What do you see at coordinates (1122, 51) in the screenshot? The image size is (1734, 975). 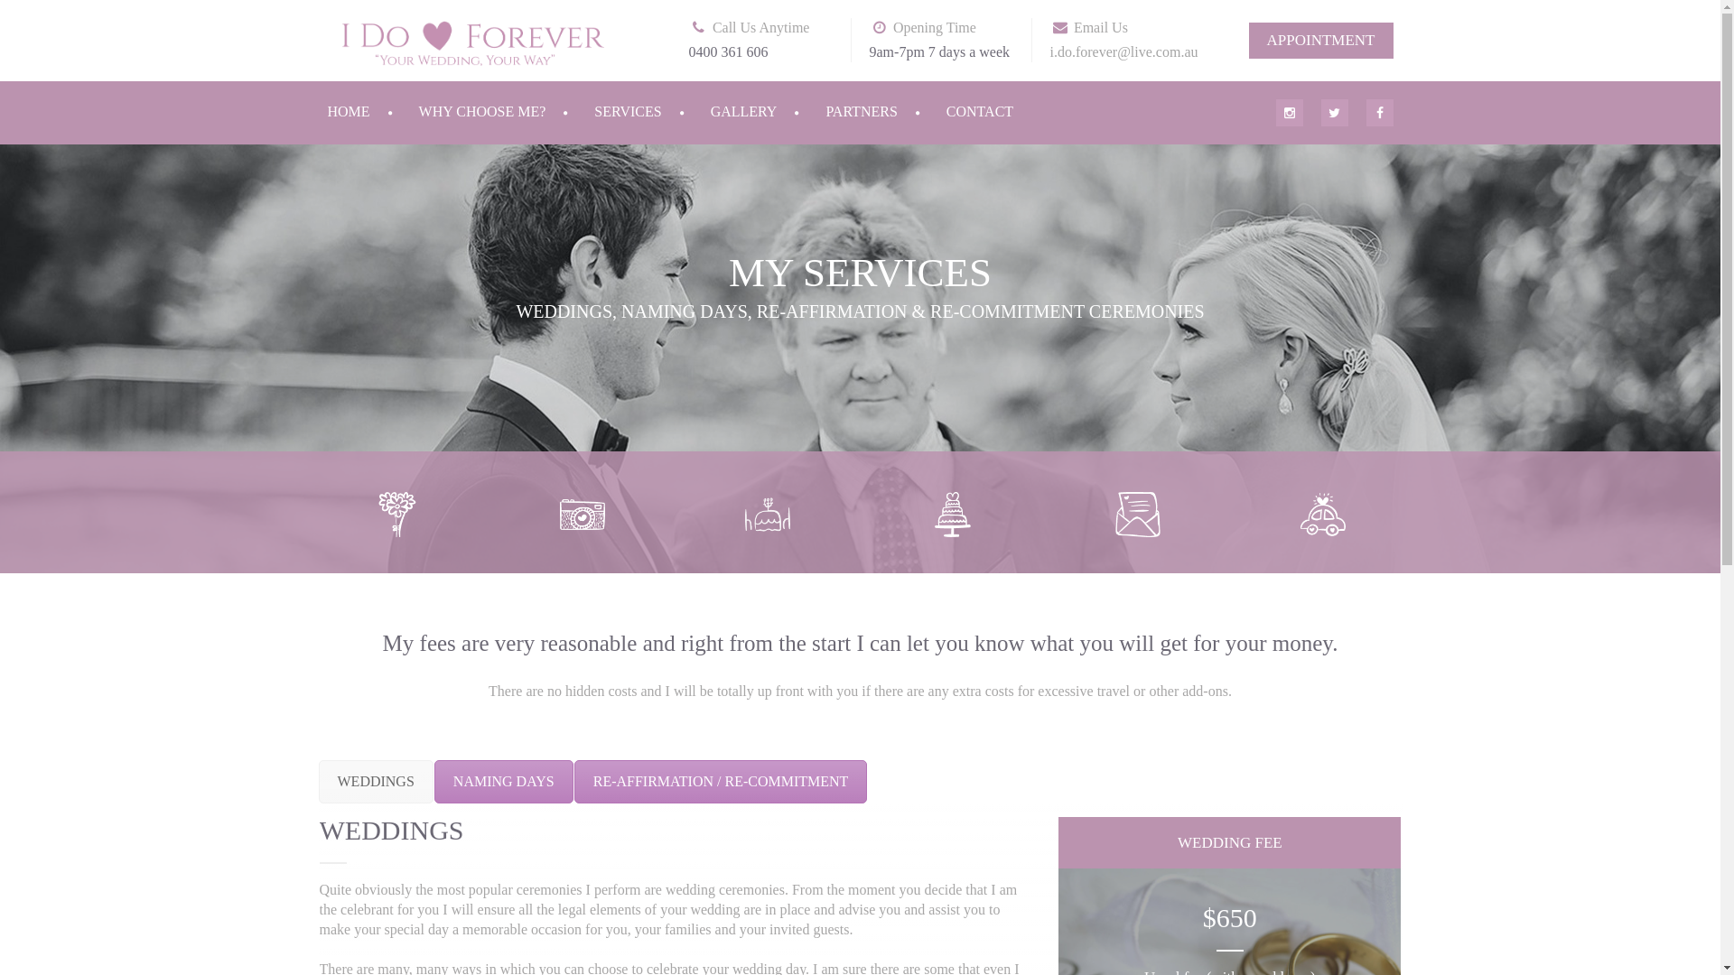 I see `'i.do.forever@live.com.au'` at bounding box center [1122, 51].